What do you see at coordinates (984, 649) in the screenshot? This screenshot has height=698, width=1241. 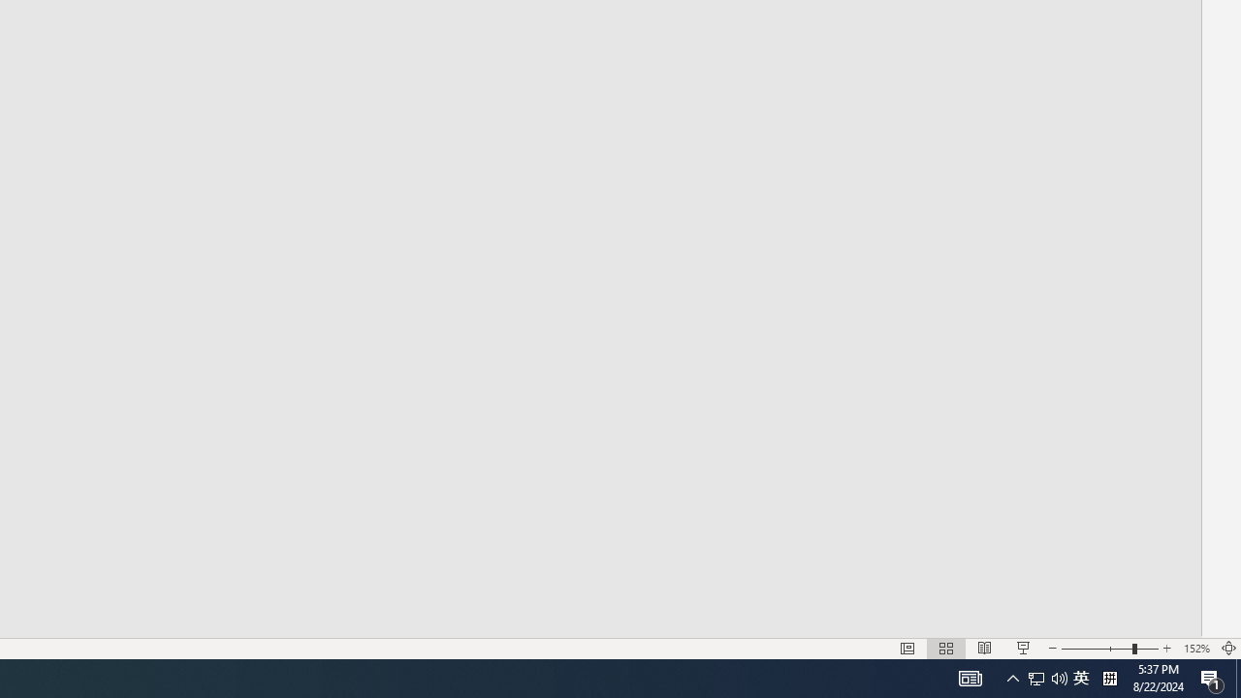 I see `'Reading View'` at bounding box center [984, 649].